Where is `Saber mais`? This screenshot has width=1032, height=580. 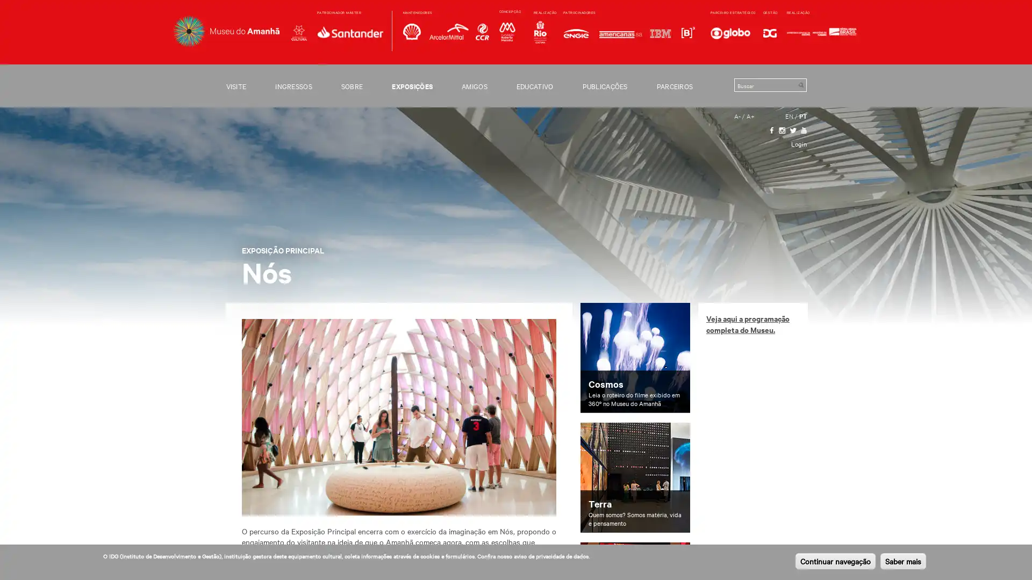 Saber mais is located at coordinates (903, 561).